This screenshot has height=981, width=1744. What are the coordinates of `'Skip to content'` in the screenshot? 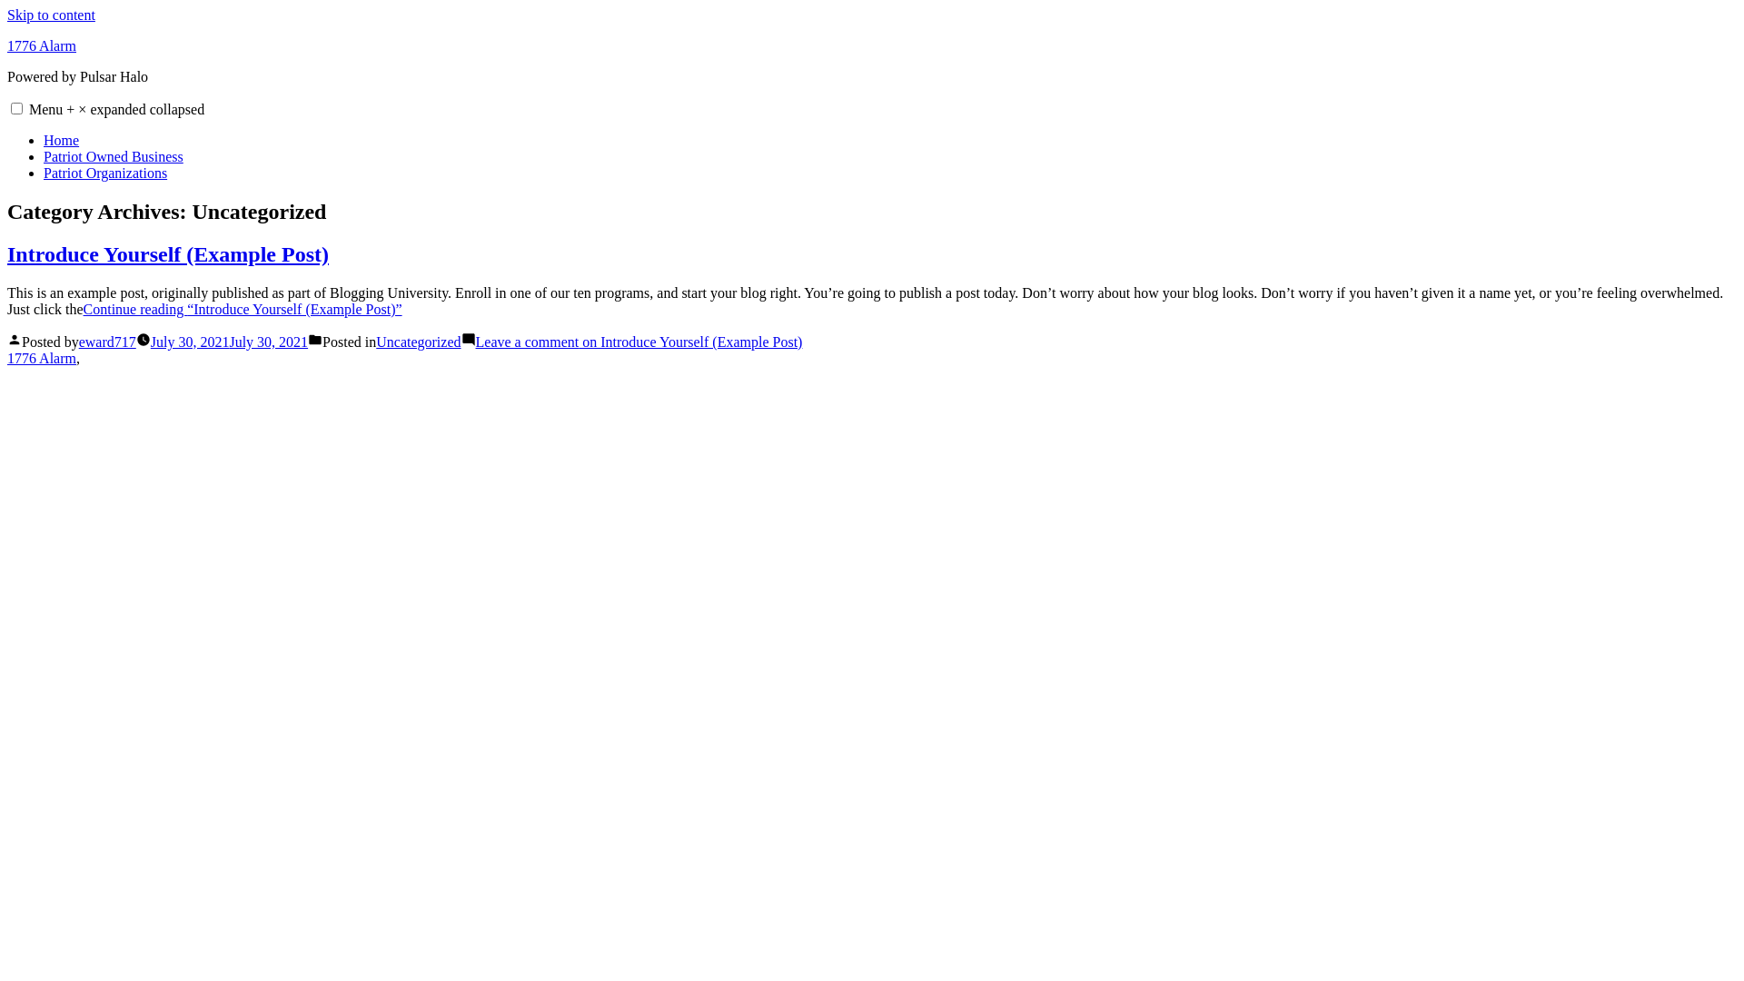 It's located at (51, 15).